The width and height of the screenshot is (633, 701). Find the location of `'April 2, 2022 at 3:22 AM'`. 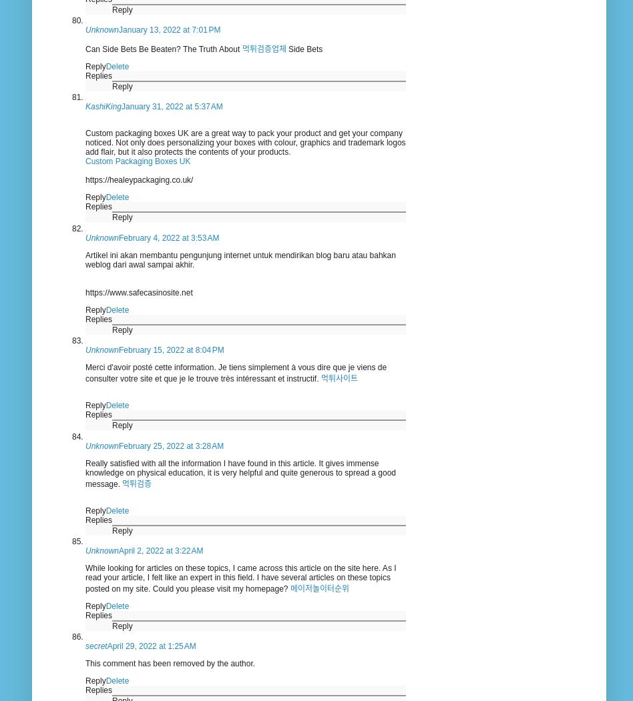

'April 2, 2022 at 3:22 AM' is located at coordinates (160, 550).